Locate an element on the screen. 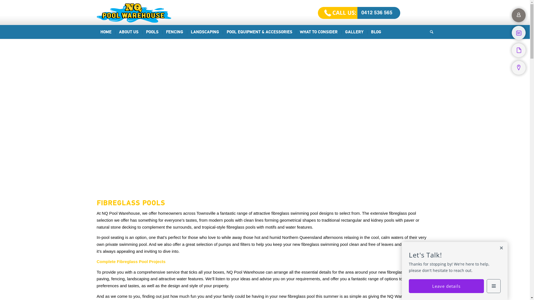  'WHAT TO CONSIDER' is located at coordinates (296, 32).